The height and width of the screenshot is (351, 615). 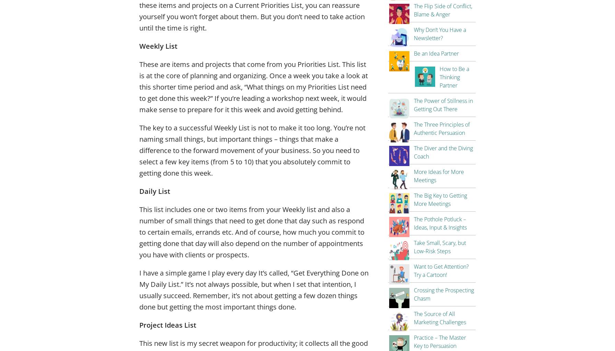 I want to click on 'Practice – The Master Key to Persuasion', so click(x=440, y=341).